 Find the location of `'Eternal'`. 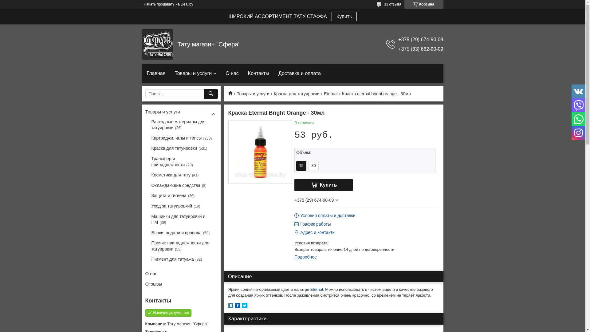

'Eternal' is located at coordinates (317, 289).